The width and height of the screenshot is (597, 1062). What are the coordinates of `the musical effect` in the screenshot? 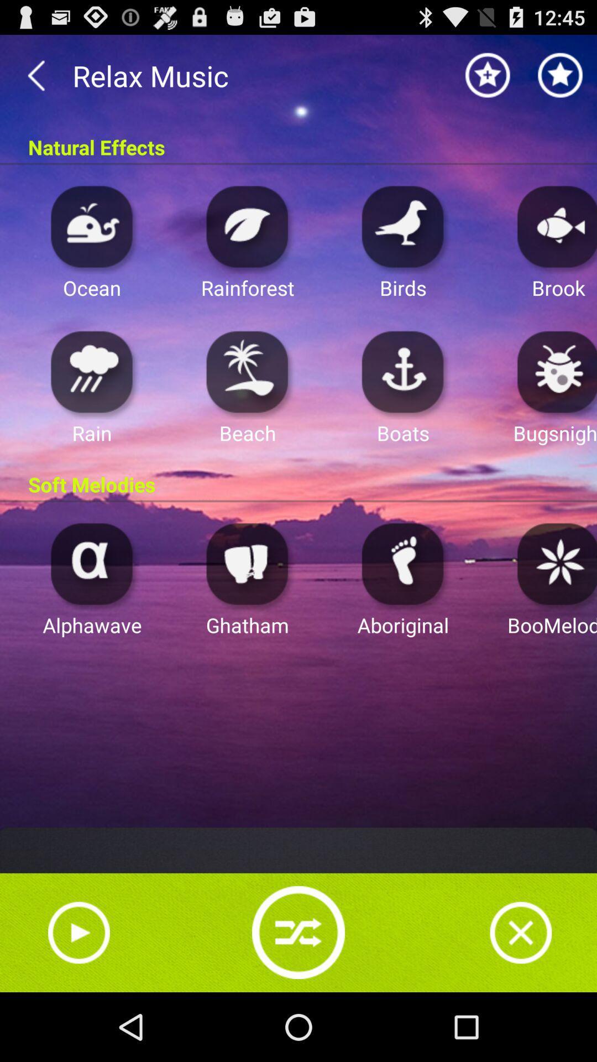 It's located at (91, 371).